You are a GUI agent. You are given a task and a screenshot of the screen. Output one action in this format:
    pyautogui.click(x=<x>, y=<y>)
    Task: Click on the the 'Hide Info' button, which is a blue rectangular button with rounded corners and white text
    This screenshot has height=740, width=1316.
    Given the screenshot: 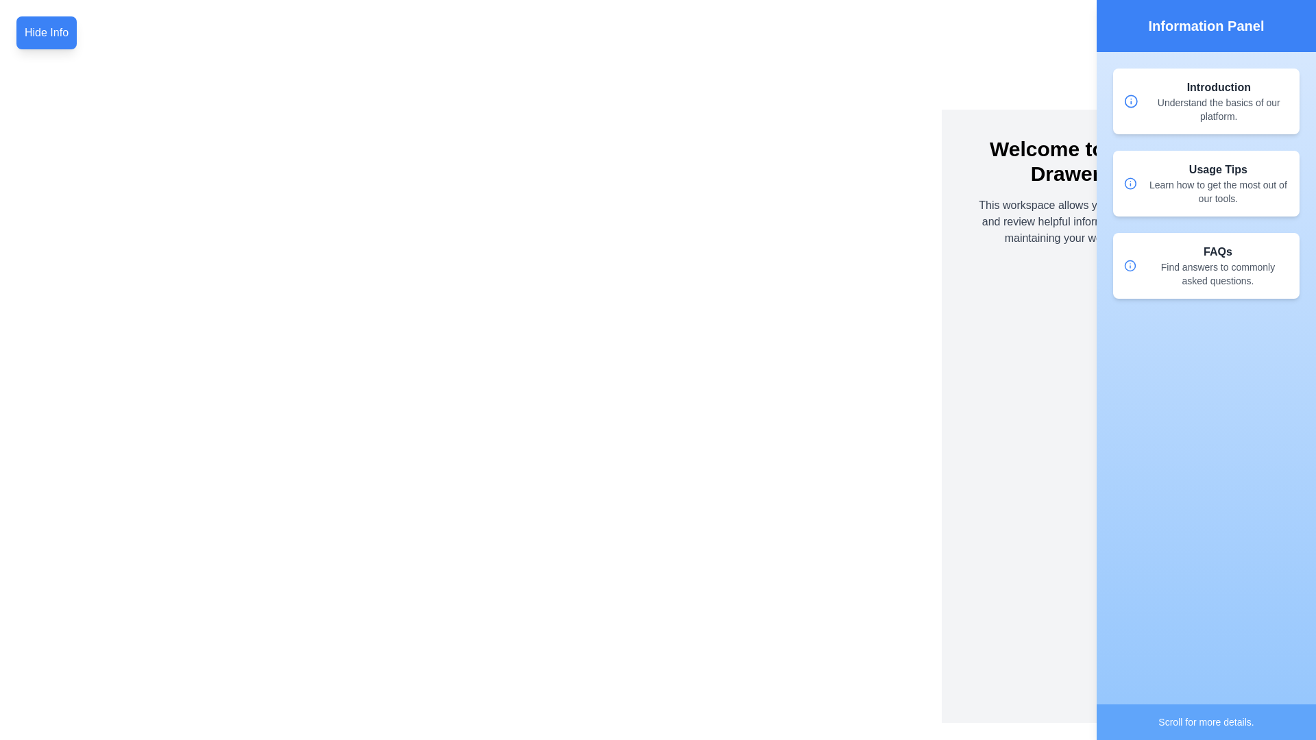 What is the action you would take?
    pyautogui.click(x=46, y=32)
    